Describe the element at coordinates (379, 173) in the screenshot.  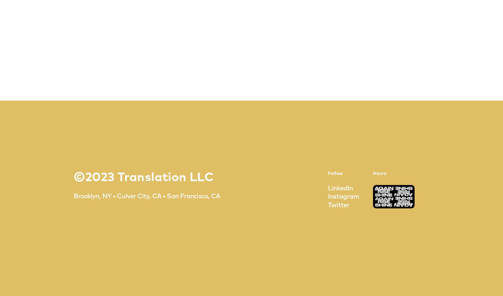
I see `'Hours'` at that location.